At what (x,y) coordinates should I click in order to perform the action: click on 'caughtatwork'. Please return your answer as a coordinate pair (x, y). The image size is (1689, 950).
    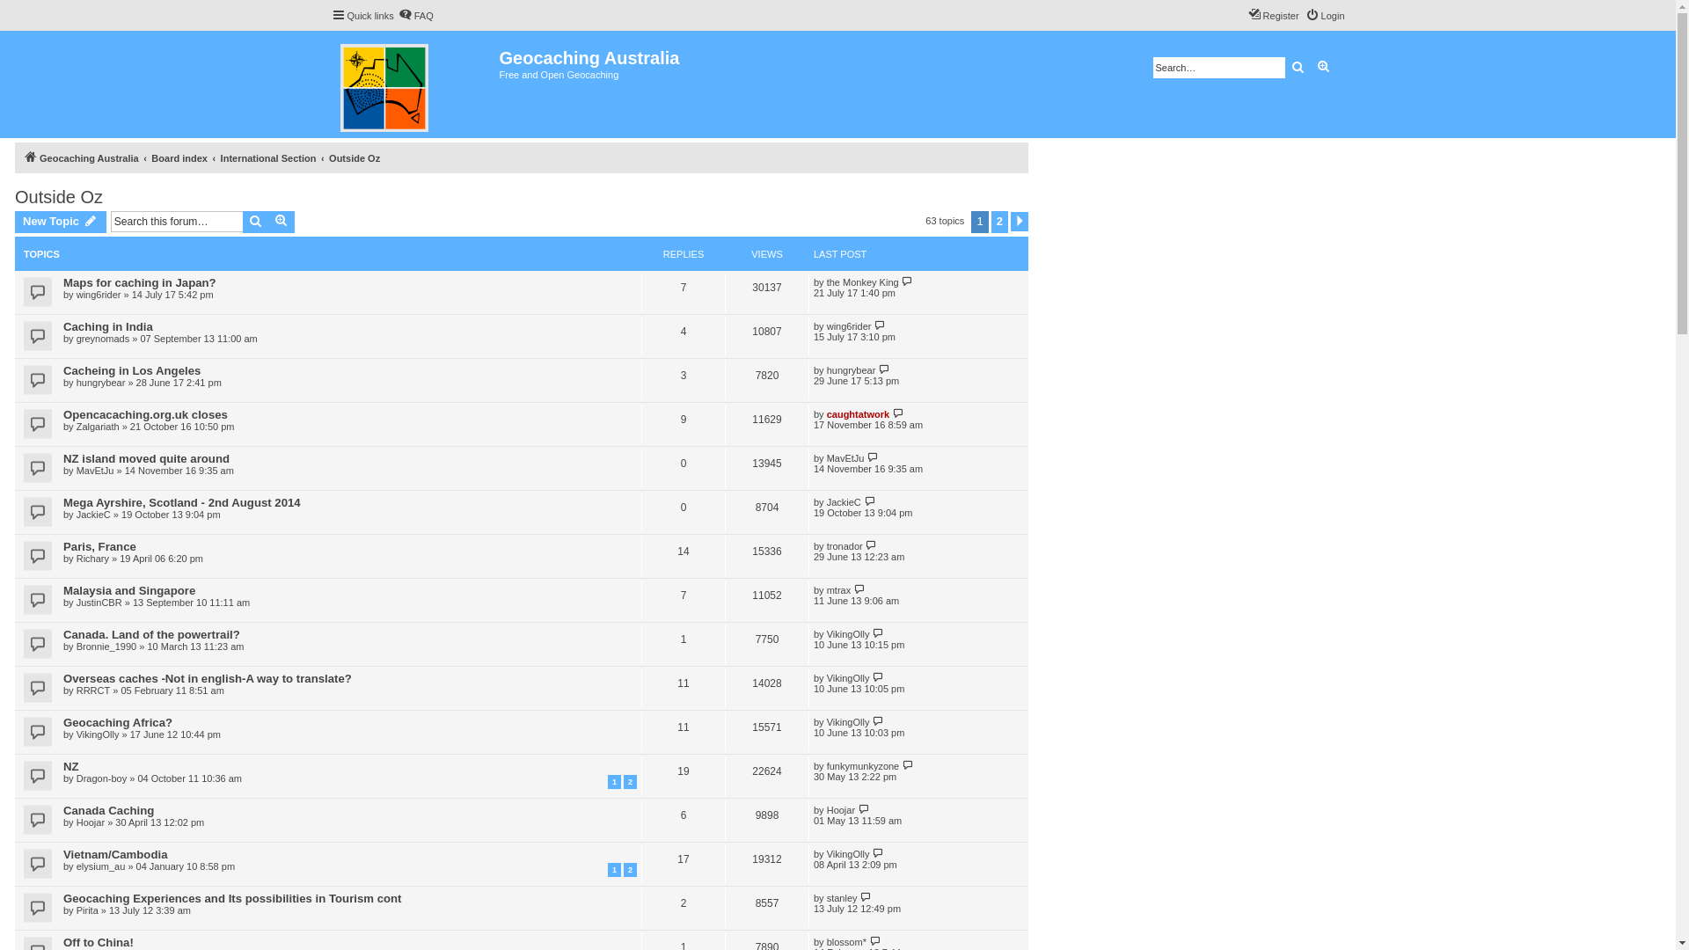
    Looking at the image, I should click on (858, 413).